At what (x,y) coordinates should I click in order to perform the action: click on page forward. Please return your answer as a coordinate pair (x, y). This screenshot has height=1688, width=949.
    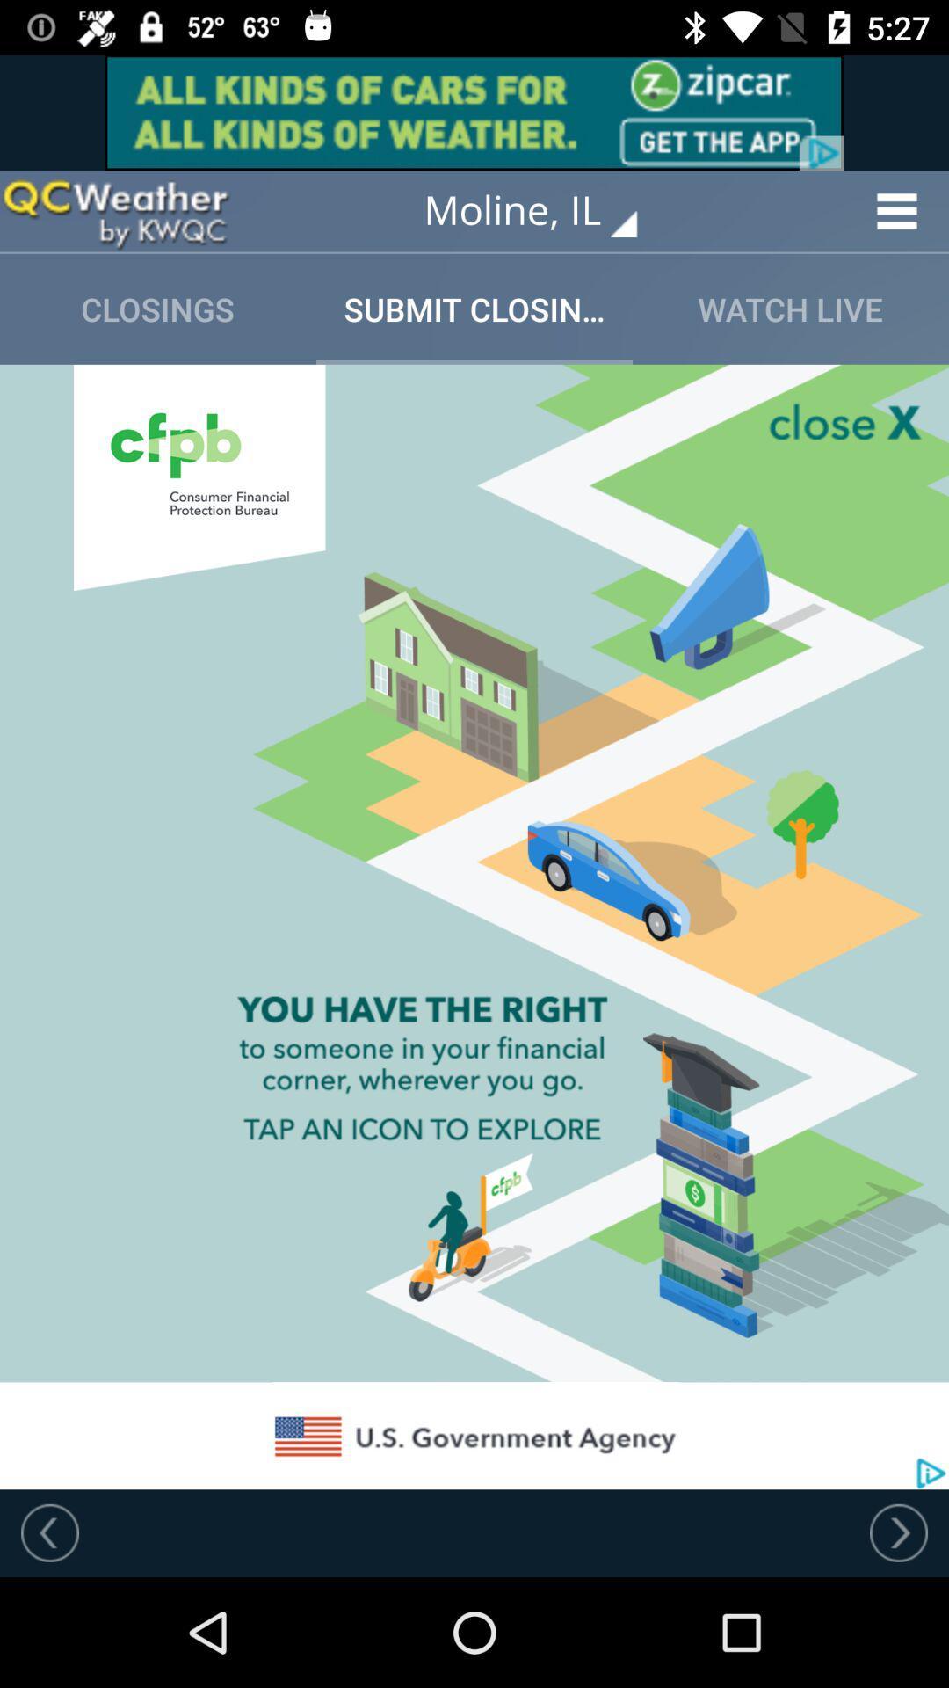
    Looking at the image, I should click on (898, 1532).